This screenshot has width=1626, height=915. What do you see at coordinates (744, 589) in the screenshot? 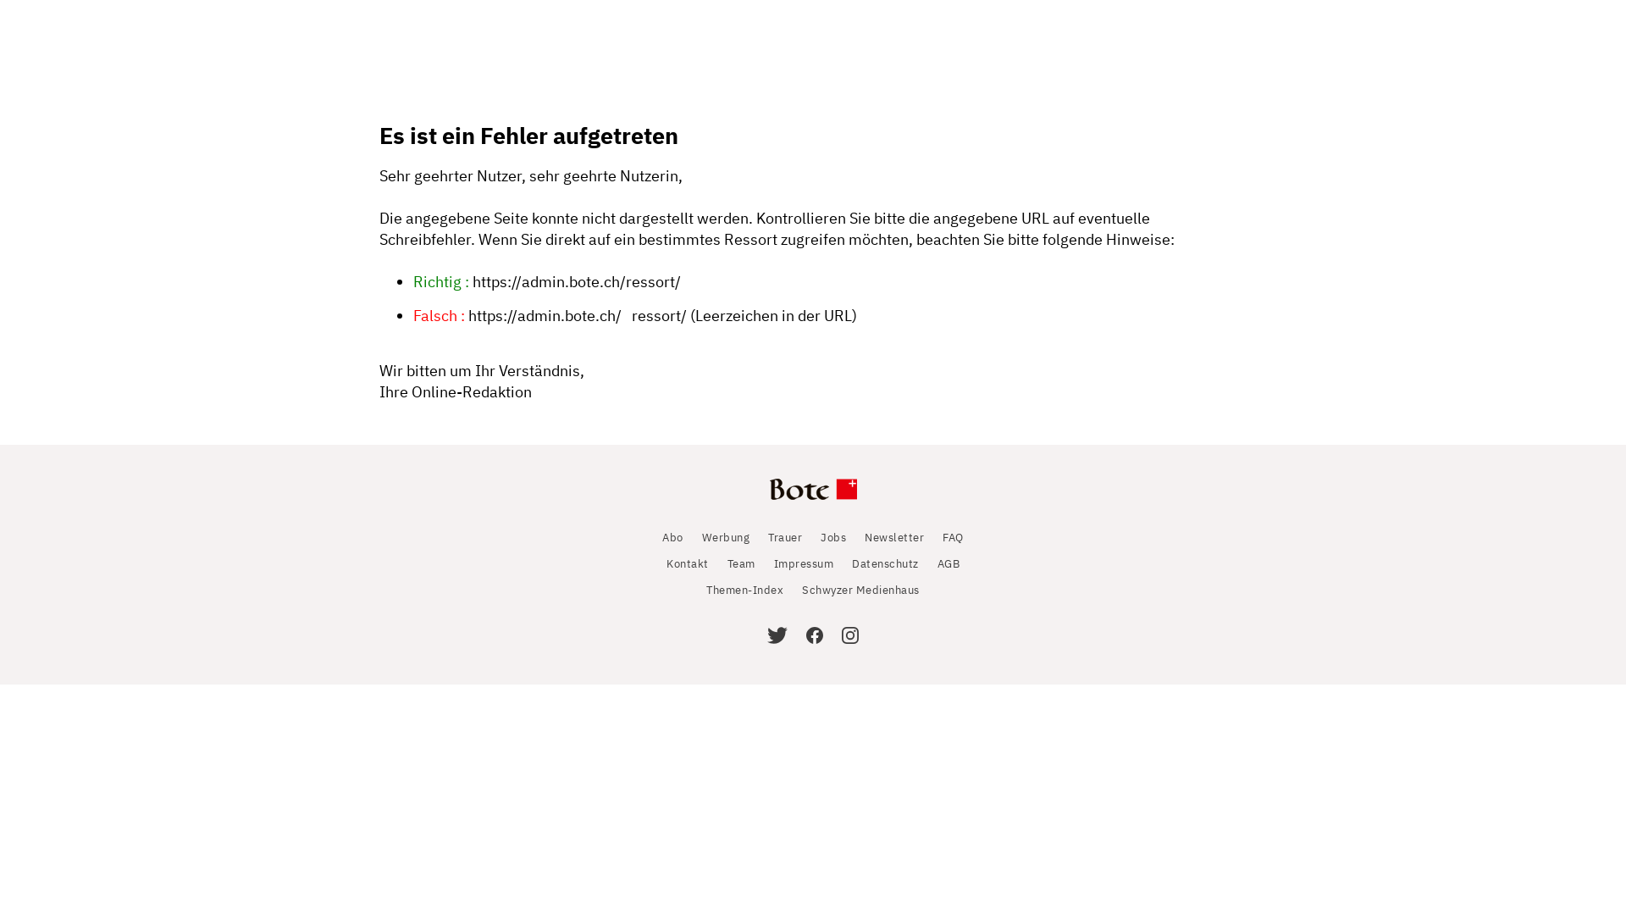
I see `'Themen-Index'` at bounding box center [744, 589].